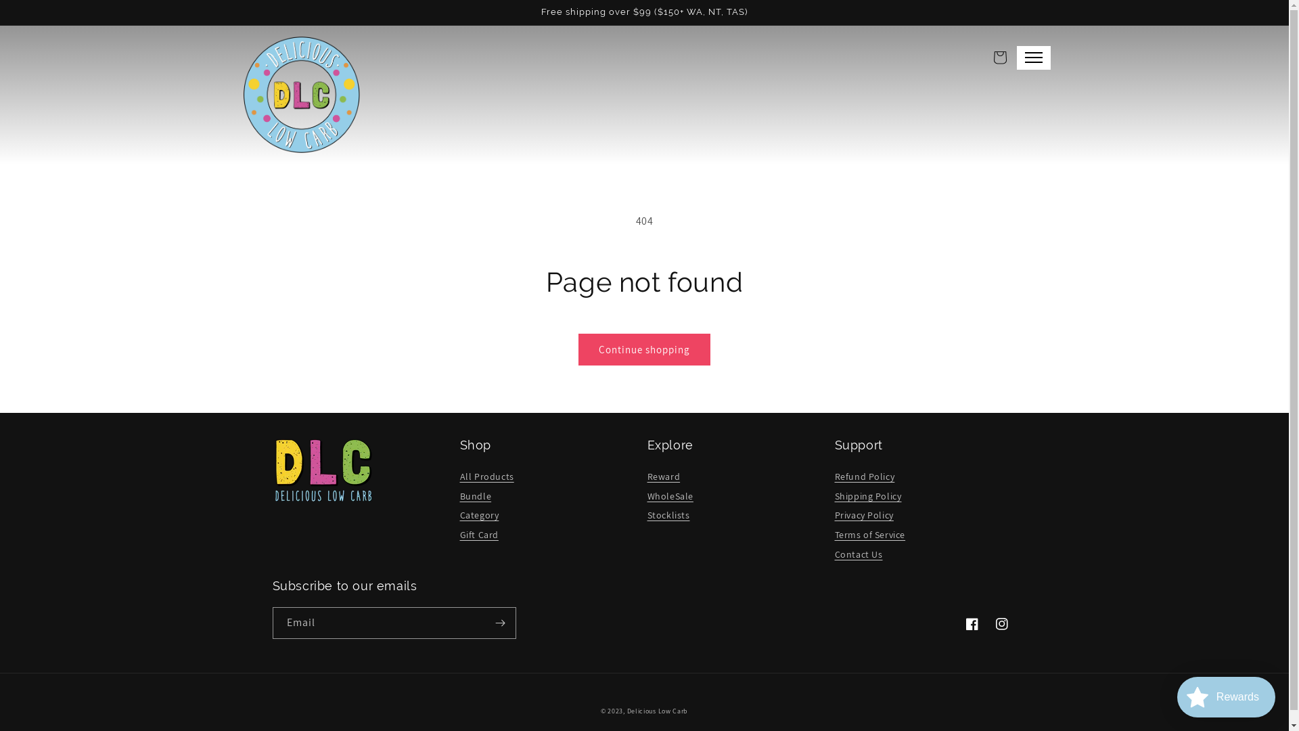 This screenshot has width=1299, height=731. I want to click on 'Stocklists', so click(668, 515).